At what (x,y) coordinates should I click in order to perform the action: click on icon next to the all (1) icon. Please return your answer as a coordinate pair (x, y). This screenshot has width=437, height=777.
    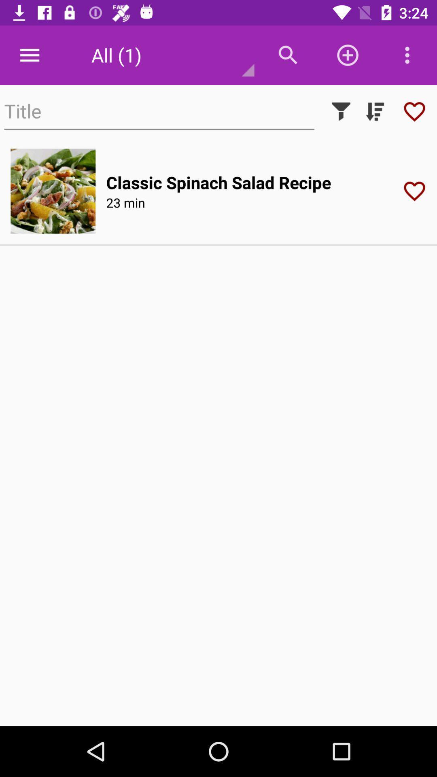
    Looking at the image, I should click on (29, 55).